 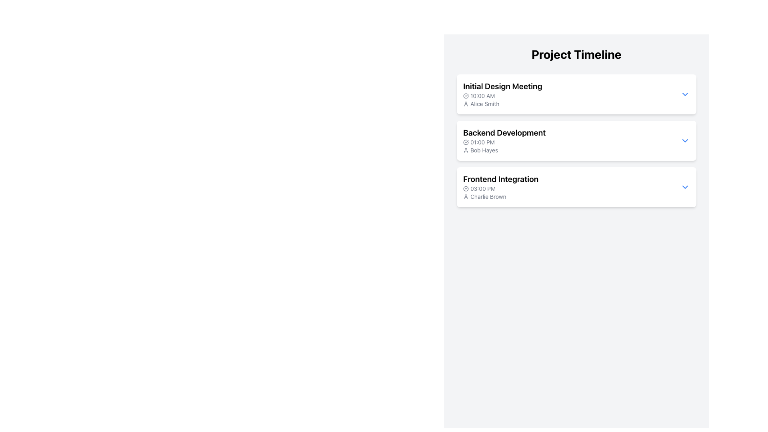 I want to click on the Text label indicating the person's name associated with the 'Frontend Integration' task, located below the time label '03:00 PM', so click(x=500, y=197).